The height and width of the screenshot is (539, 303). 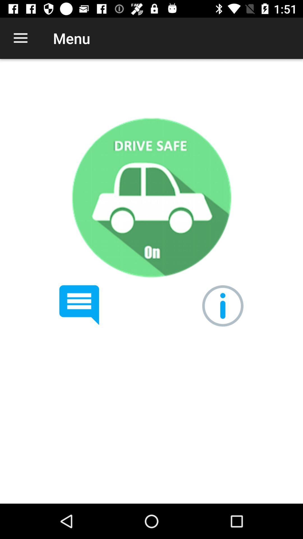 I want to click on drive safe mode on, so click(x=151, y=197).